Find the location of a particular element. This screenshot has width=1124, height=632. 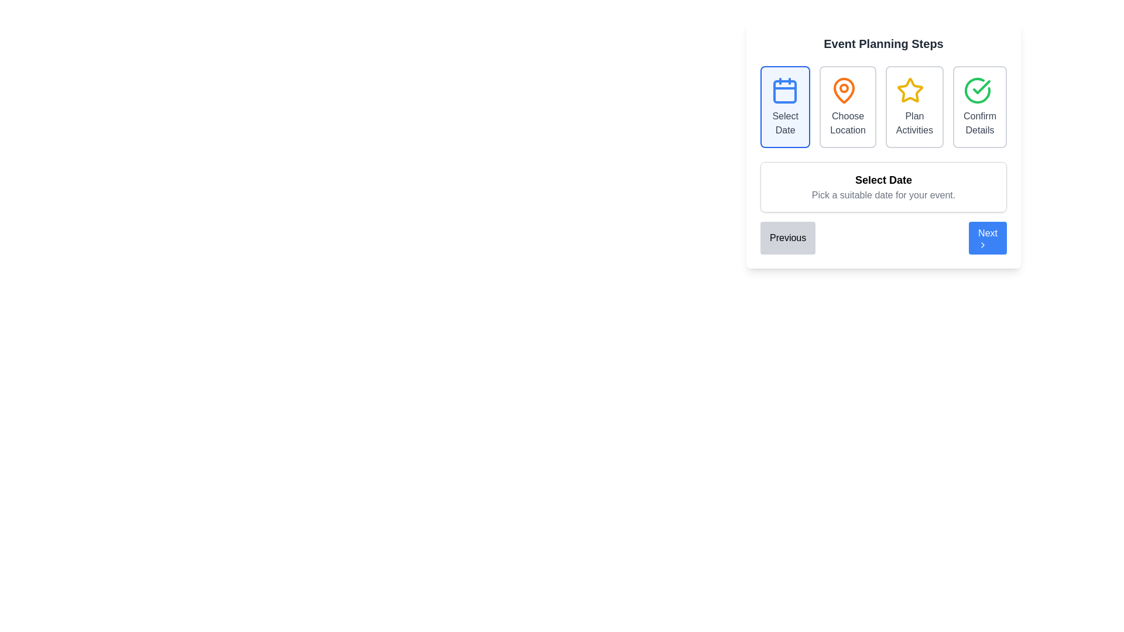

the green circular icon with a checkmark inside it, located in the 'Confirm Details' section above the text 'Confirm Details' is located at coordinates (980, 90).